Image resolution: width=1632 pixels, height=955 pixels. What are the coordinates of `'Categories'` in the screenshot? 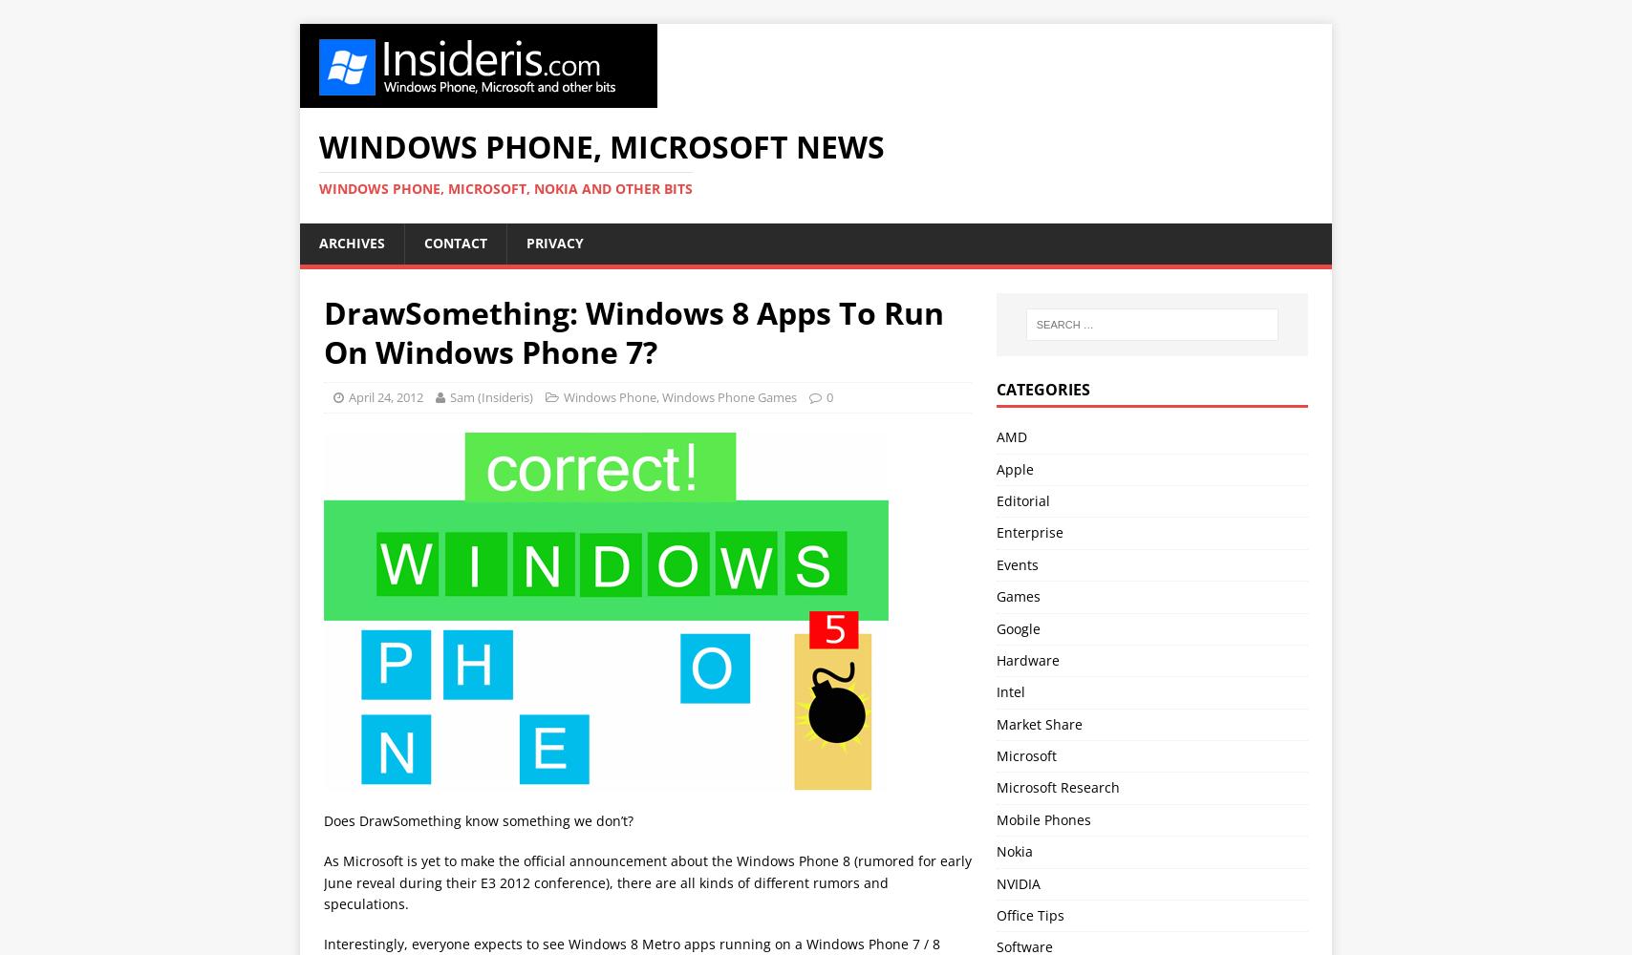 It's located at (1042, 390).